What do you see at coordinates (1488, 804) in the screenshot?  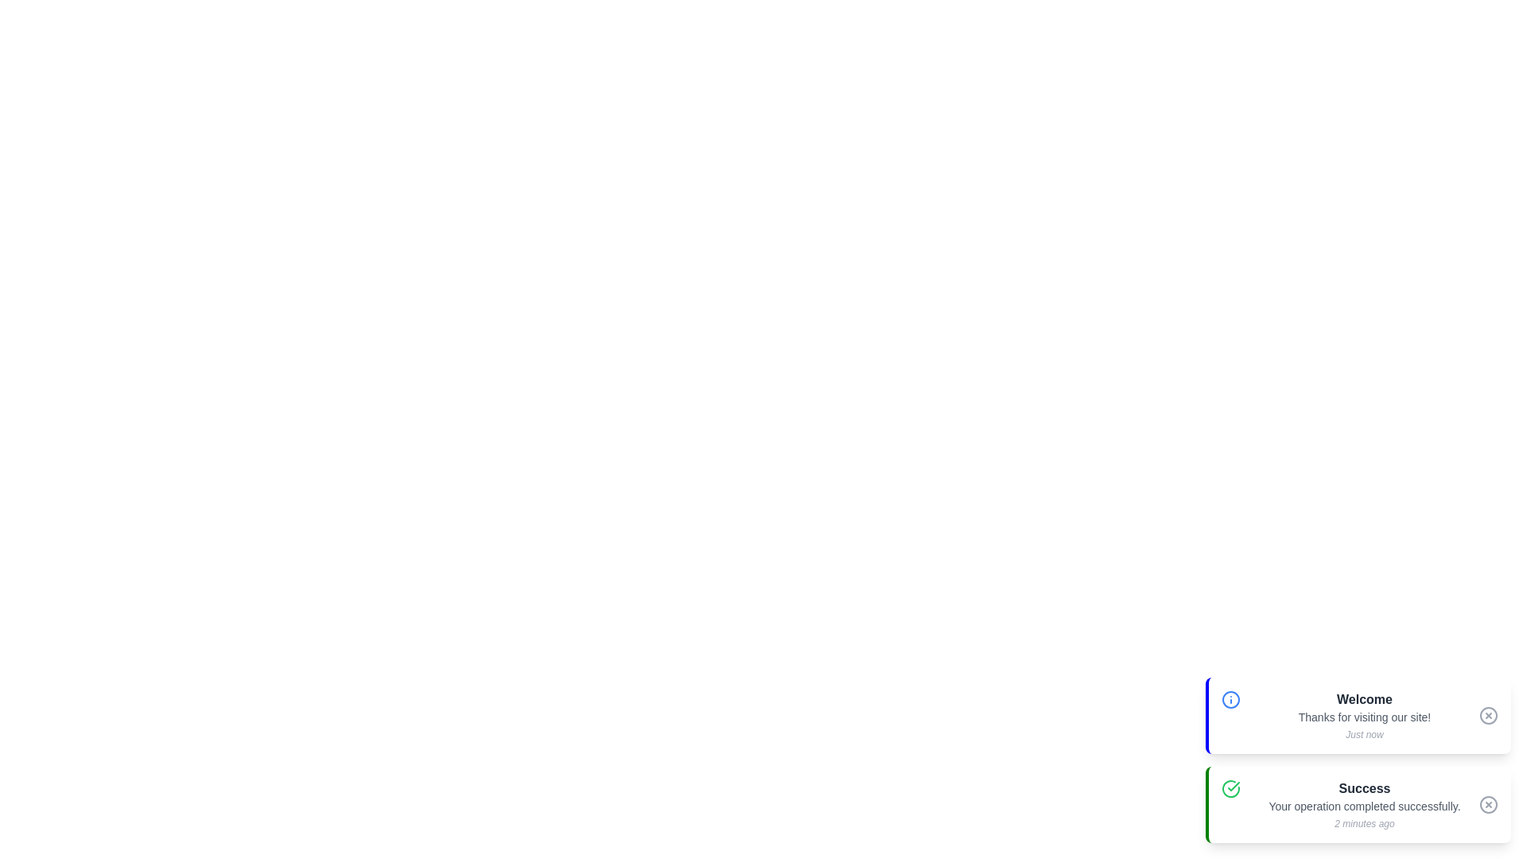 I see `close button of the message with the title Success` at bounding box center [1488, 804].